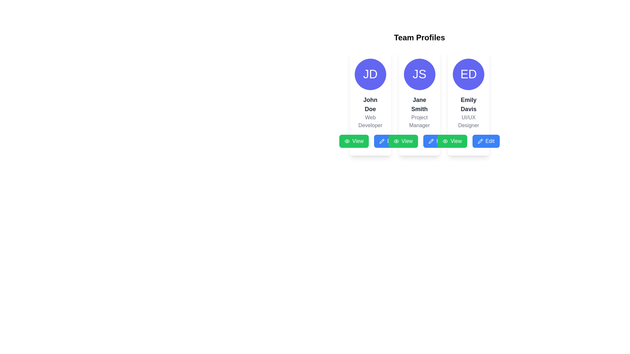  What do you see at coordinates (407, 141) in the screenshot?
I see `the 'View' text label, which is located within a green button with rounded corners and a slight drop shadow, positioned below the second profile titled 'Jane Smith'` at bounding box center [407, 141].